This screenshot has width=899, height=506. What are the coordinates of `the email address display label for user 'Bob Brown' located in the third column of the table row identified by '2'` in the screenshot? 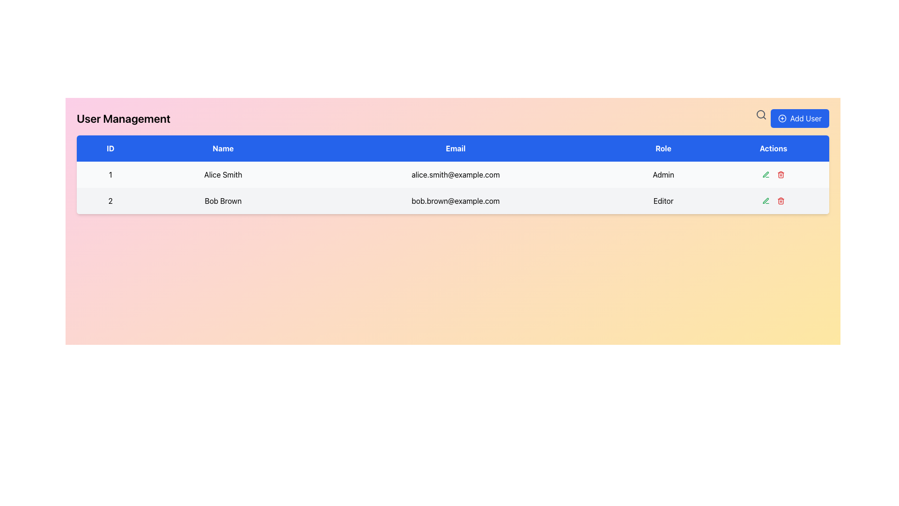 It's located at (456, 200).